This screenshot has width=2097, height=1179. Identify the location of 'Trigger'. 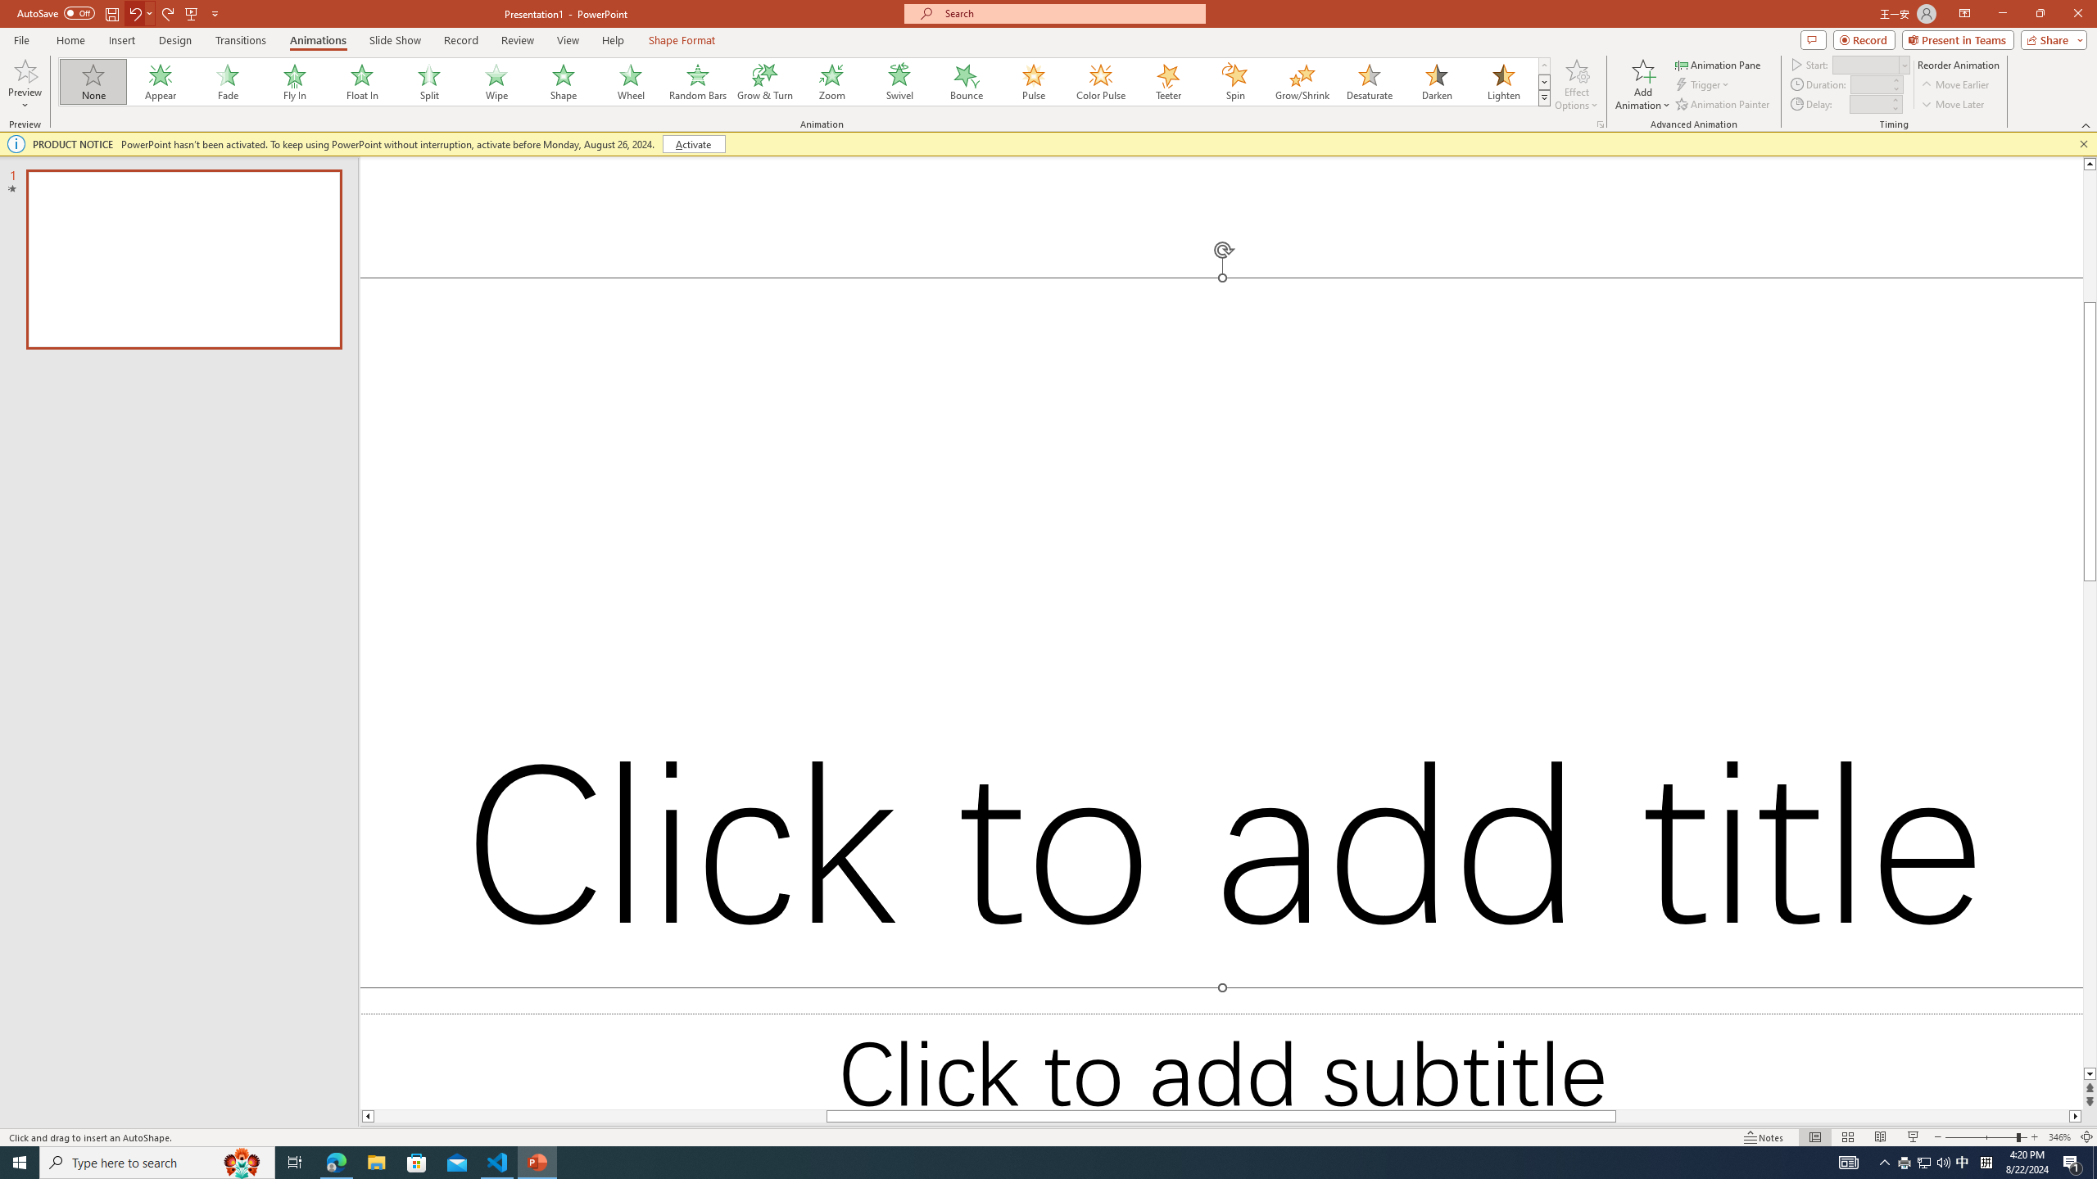
(1703, 84).